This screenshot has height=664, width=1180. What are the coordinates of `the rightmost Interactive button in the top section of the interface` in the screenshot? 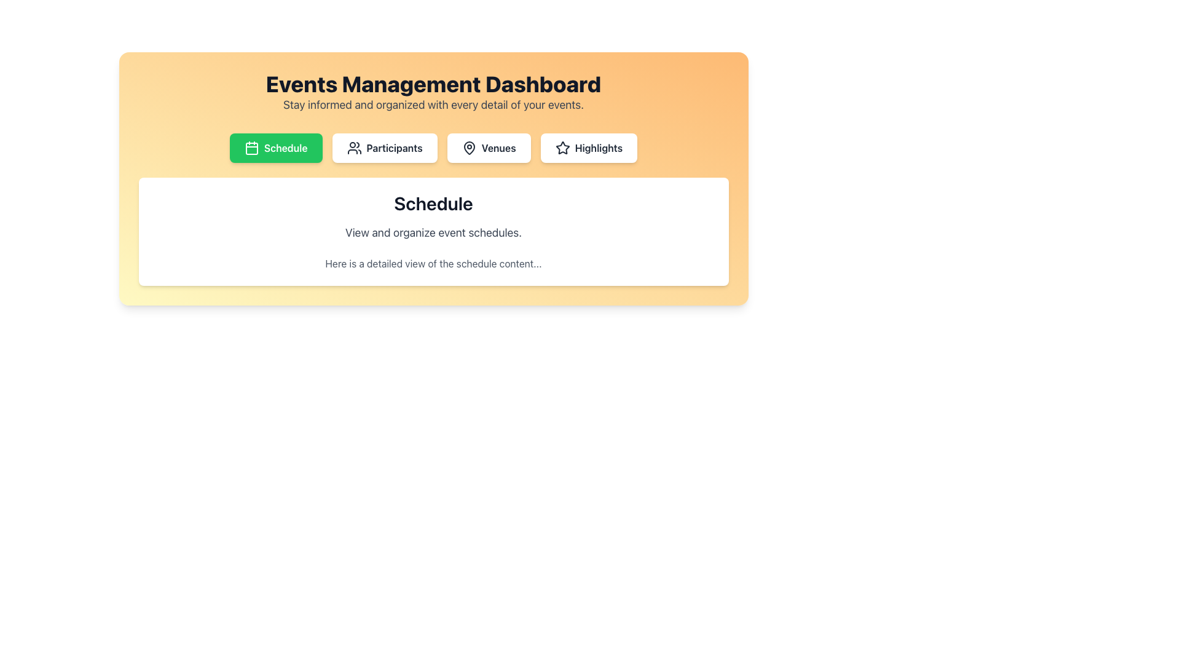 It's located at (588, 147).